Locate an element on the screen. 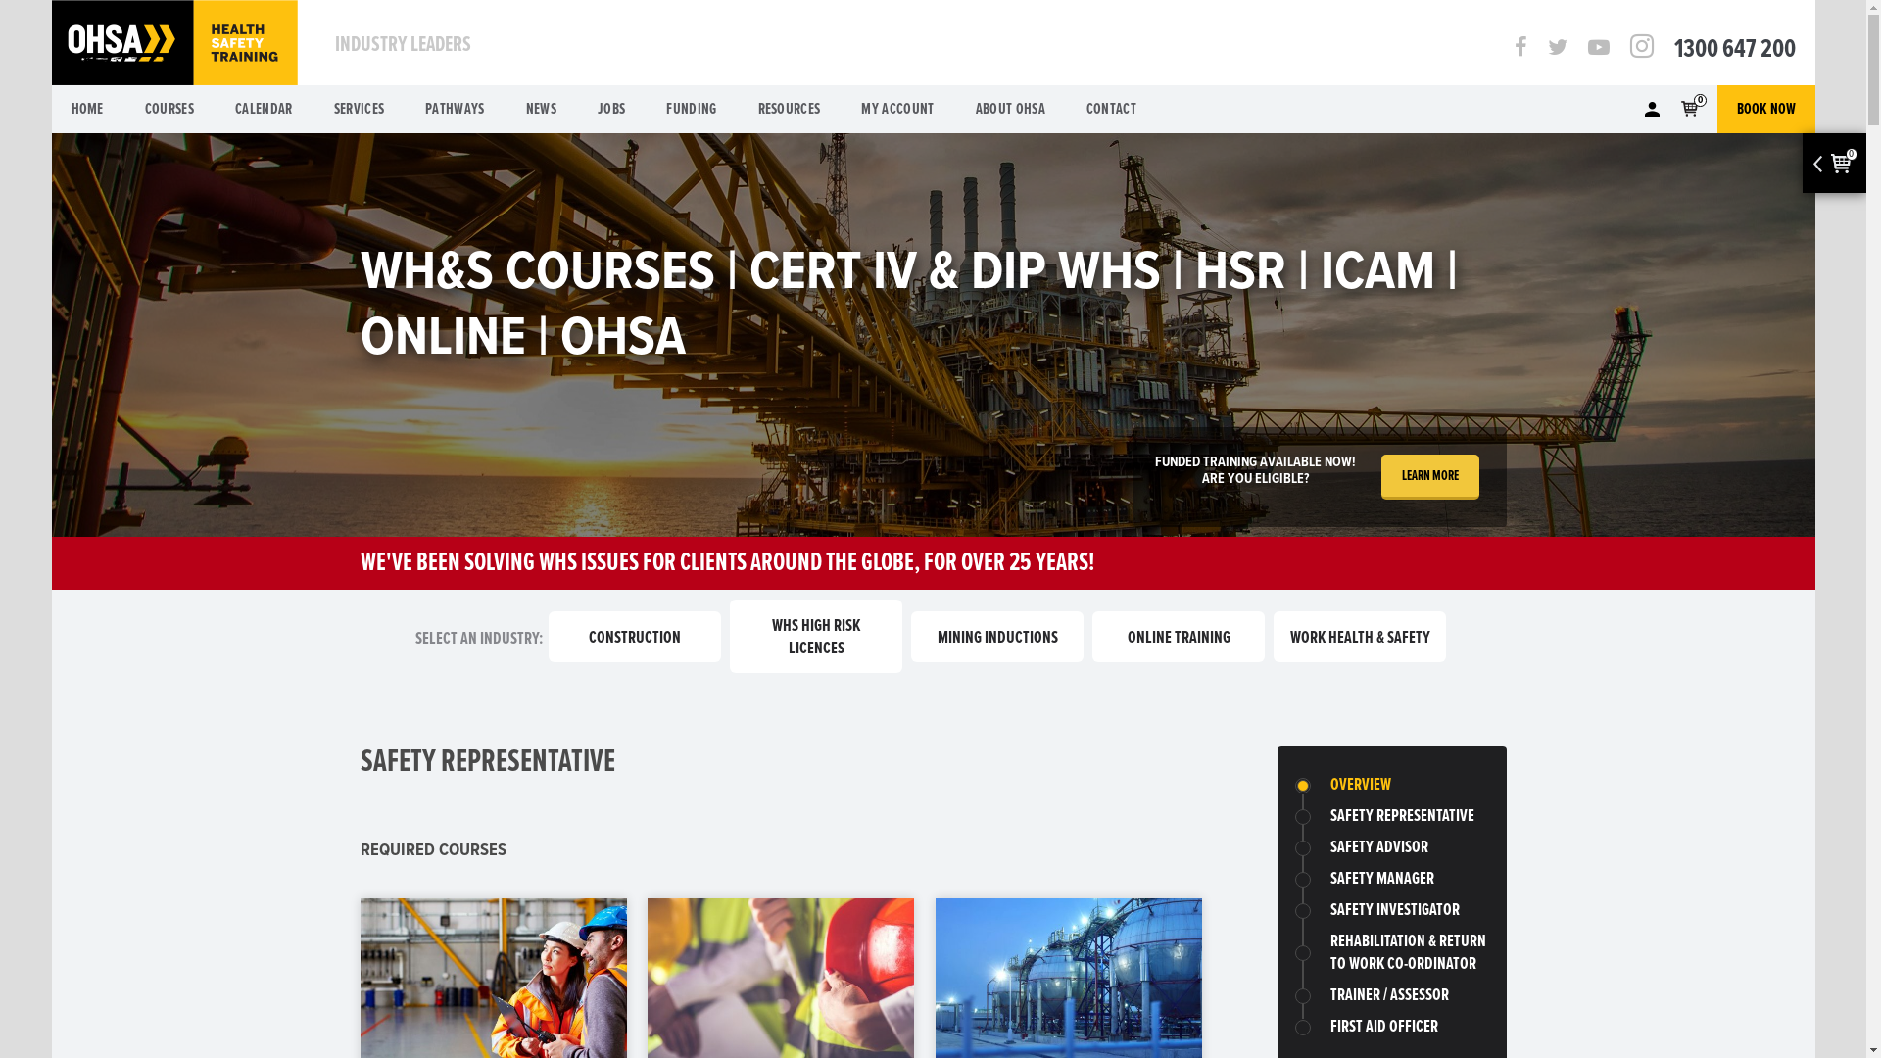 The height and width of the screenshot is (1058, 1881). 'Twitter' is located at coordinates (1556, 48).